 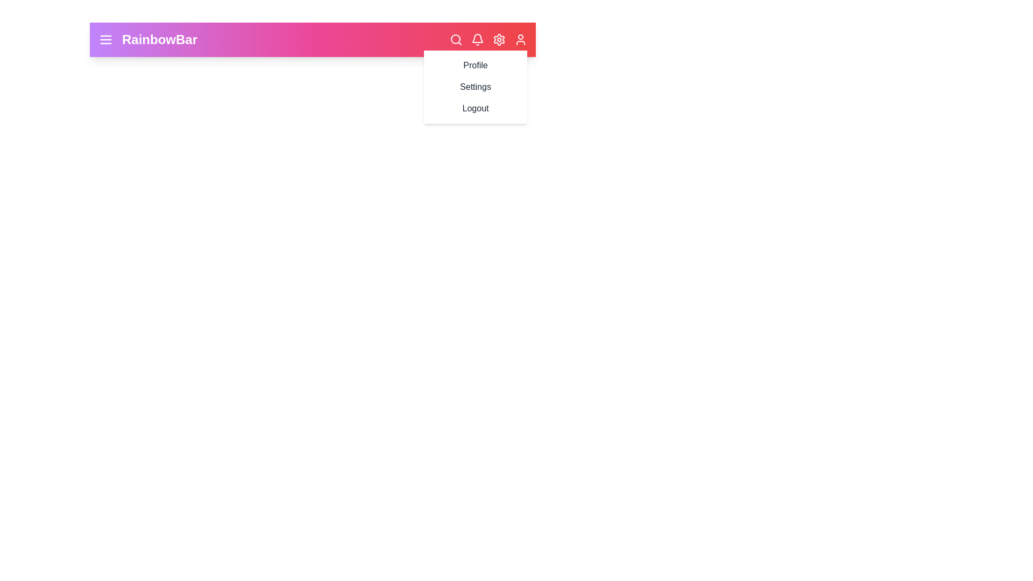 What do you see at coordinates (456, 39) in the screenshot?
I see `the search icon to open the search functionality` at bounding box center [456, 39].